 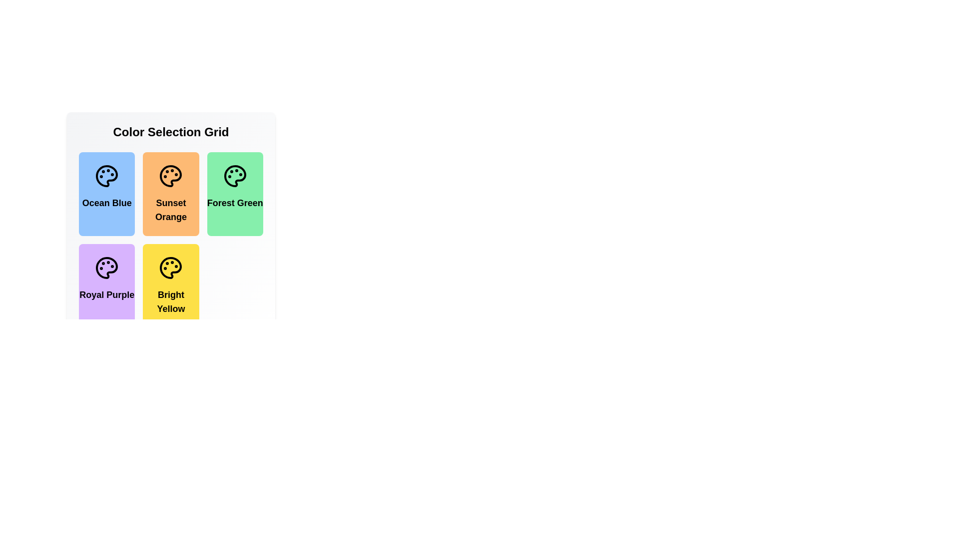 What do you see at coordinates (107, 286) in the screenshot?
I see `the color item Royal Purple` at bounding box center [107, 286].